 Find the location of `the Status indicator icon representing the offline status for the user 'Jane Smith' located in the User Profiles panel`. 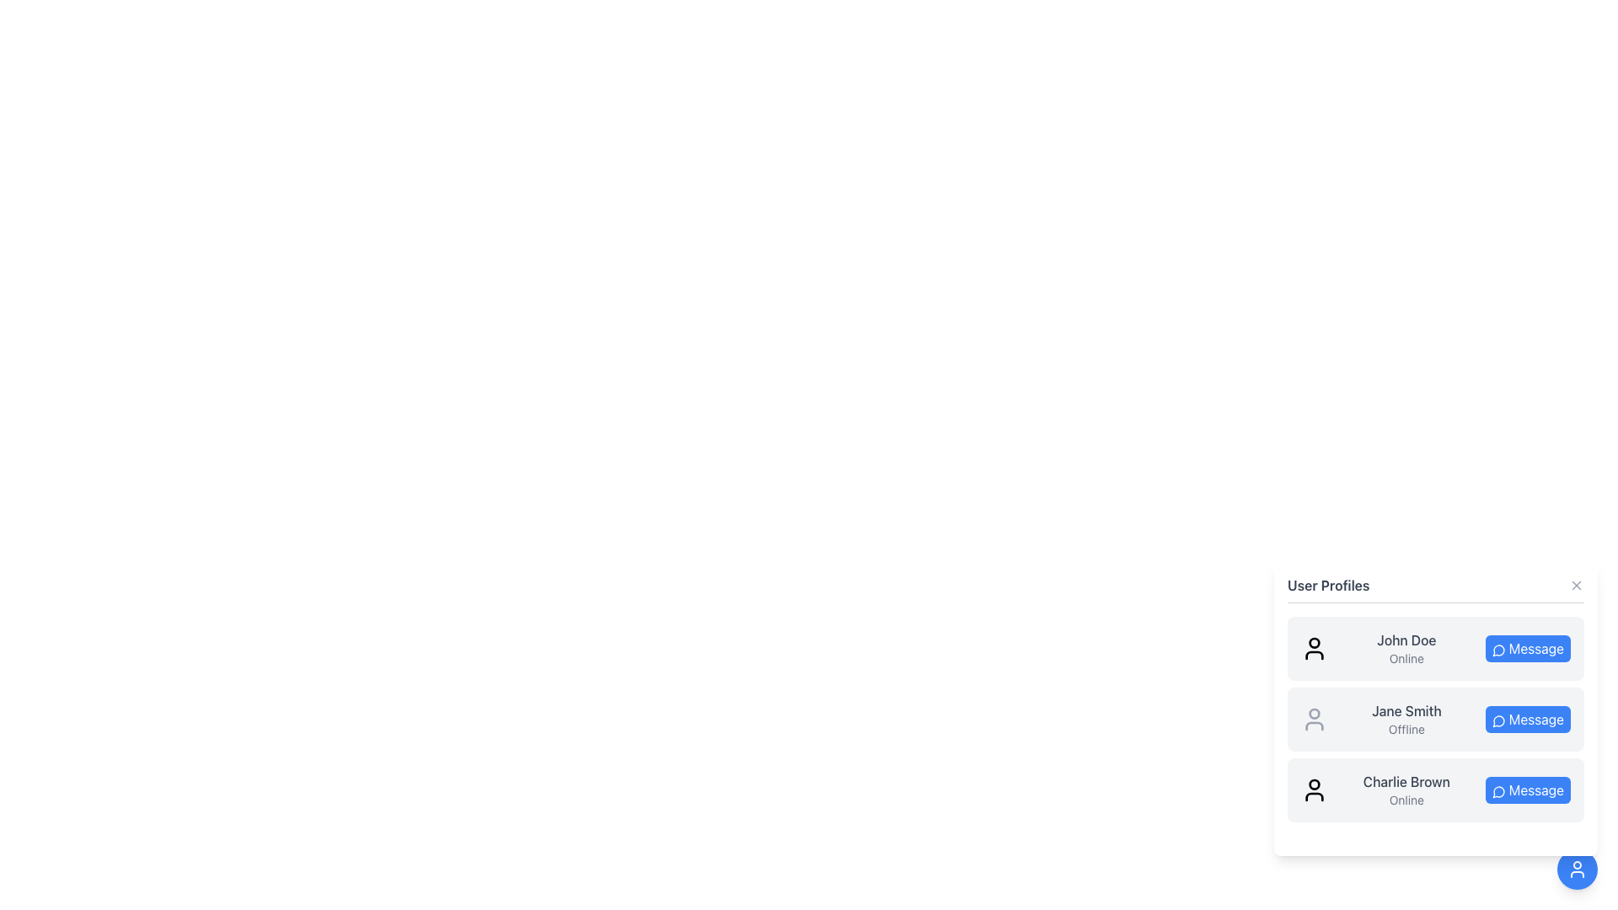

the Status indicator icon representing the offline status for the user 'Jane Smith' located in the User Profiles panel is located at coordinates (1314, 725).